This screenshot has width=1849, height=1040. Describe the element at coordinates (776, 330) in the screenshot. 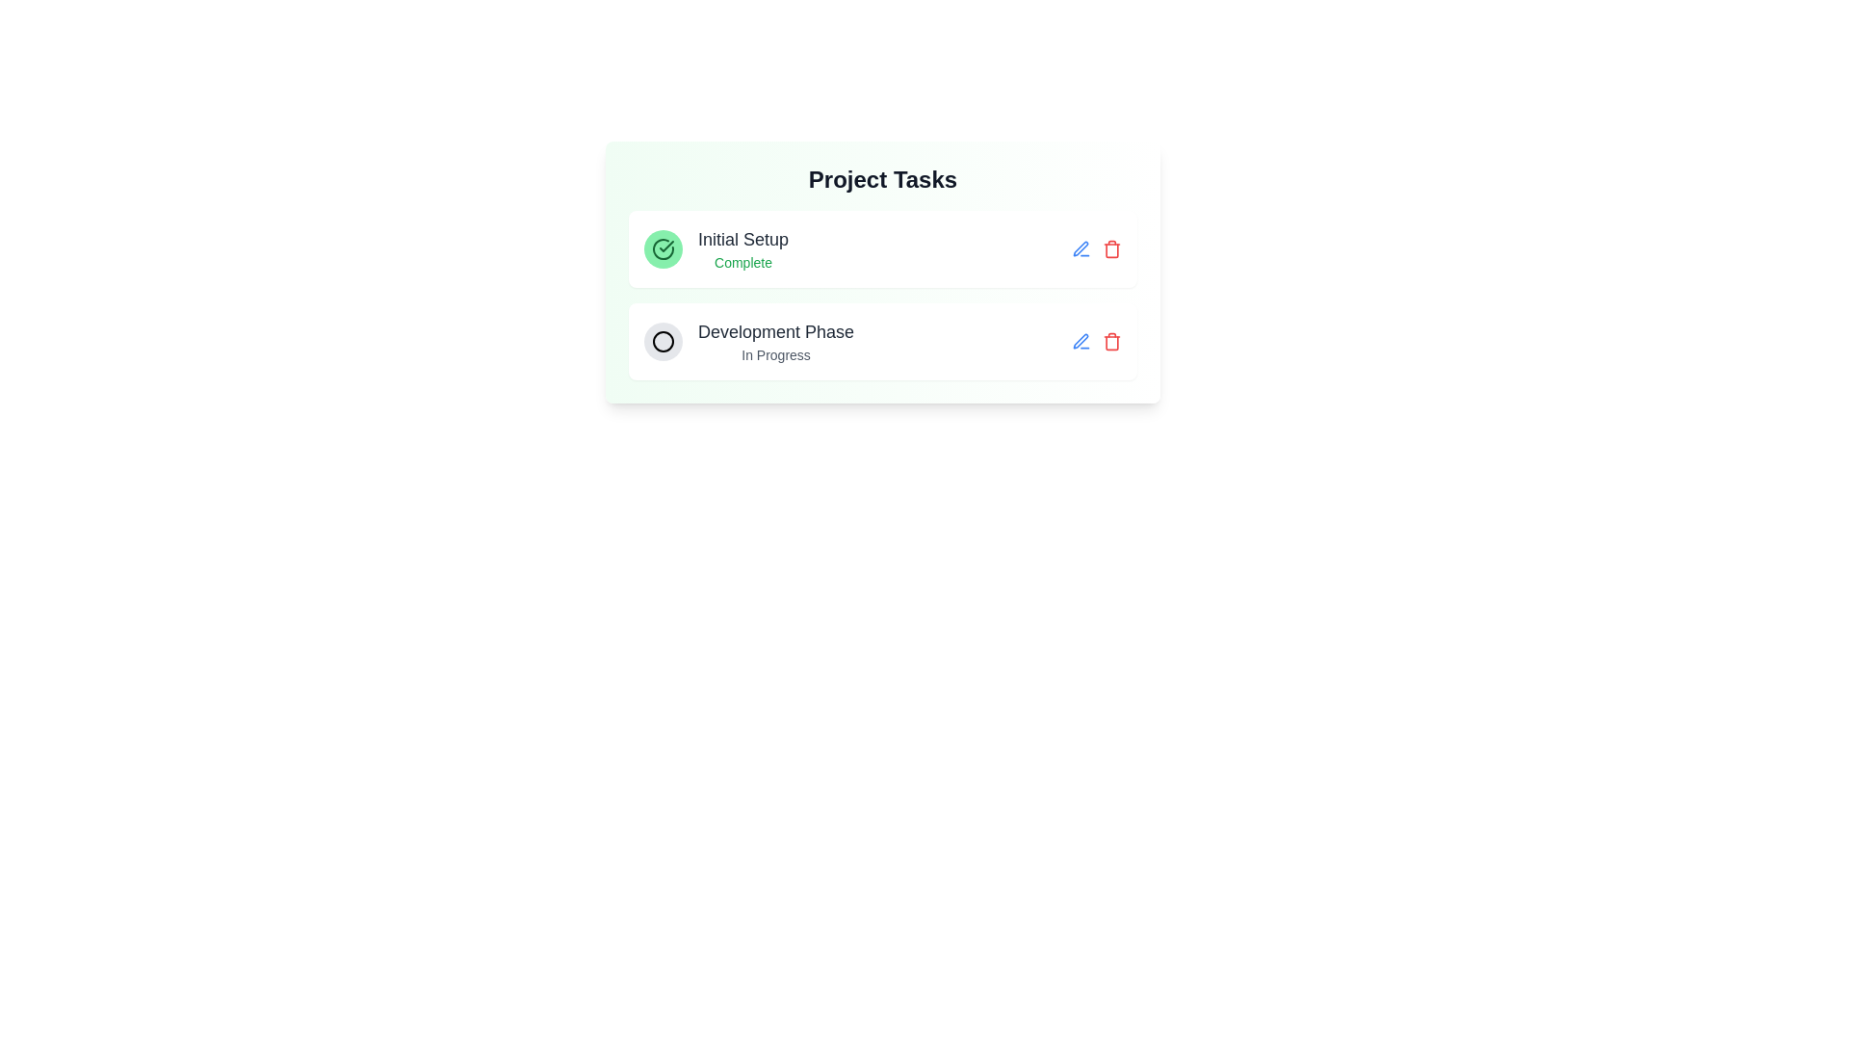

I see `the 'Development Phase' text label, which is prominently displayed in a bold font and dark gray color, located on the second row of task cards, aligned horizontally with a circular icon and above the 'In Progress' text` at that location.